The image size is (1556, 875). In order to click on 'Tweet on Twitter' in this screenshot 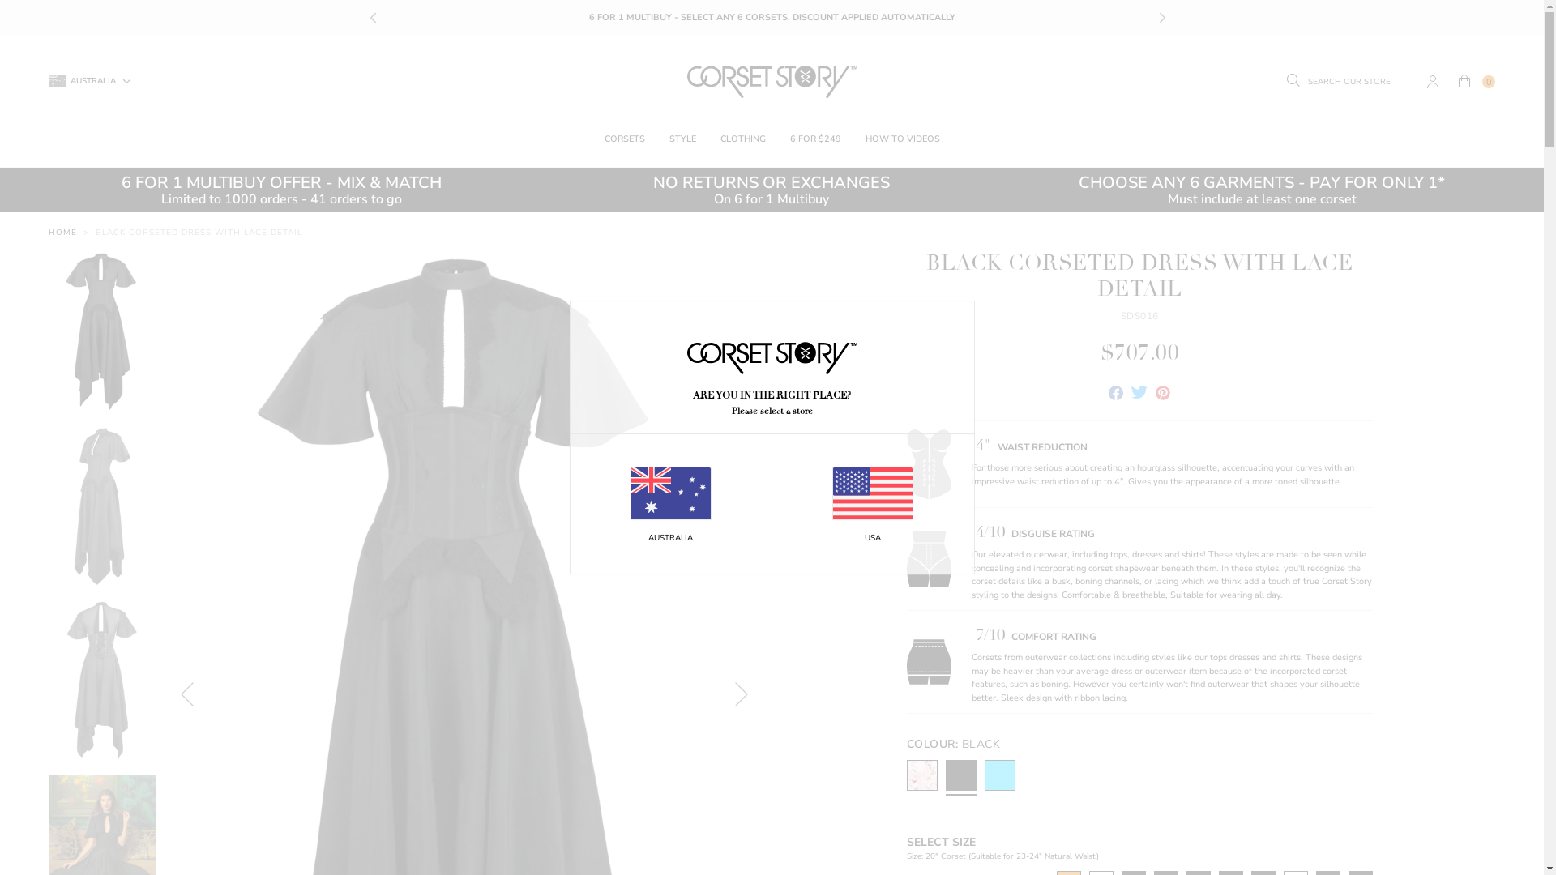, I will do `click(1131, 395)`.